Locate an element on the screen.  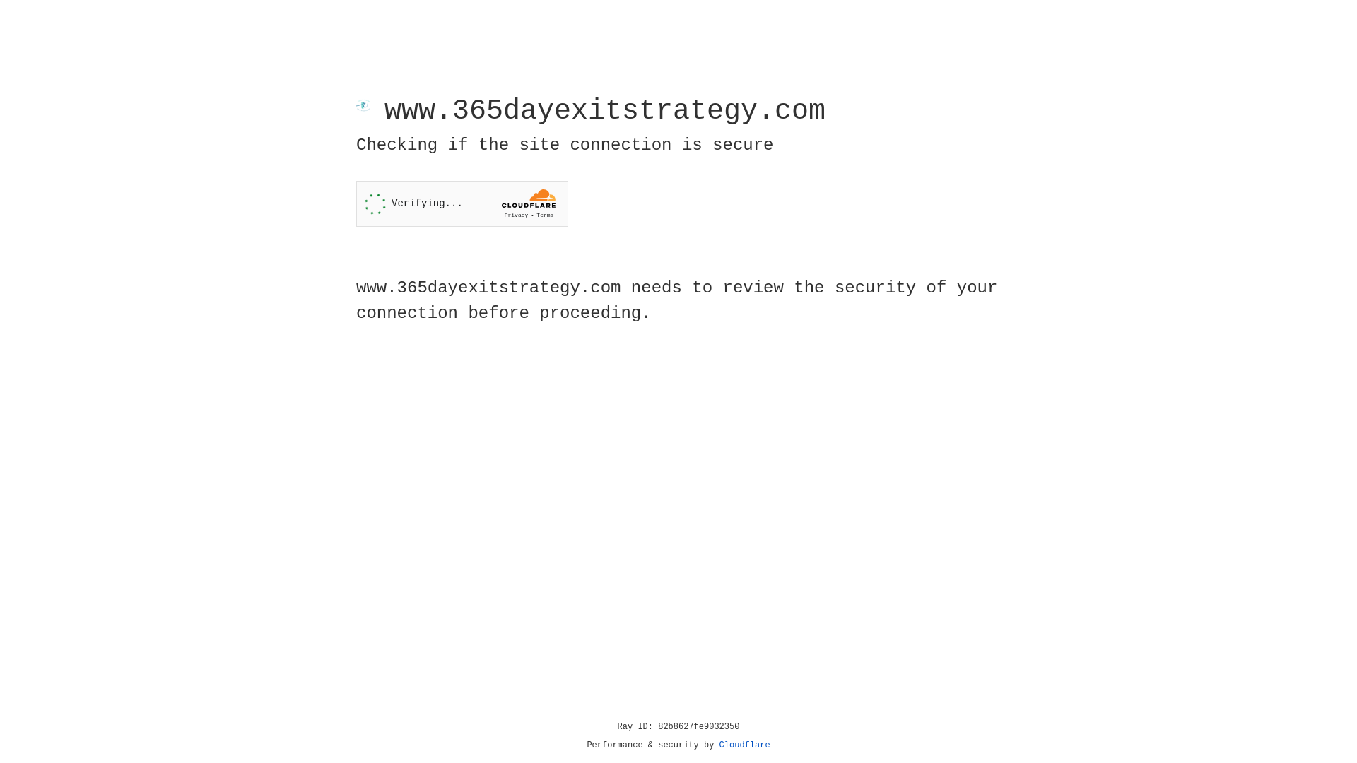
'Widget containing a Cloudflare security challenge' is located at coordinates (462, 203).